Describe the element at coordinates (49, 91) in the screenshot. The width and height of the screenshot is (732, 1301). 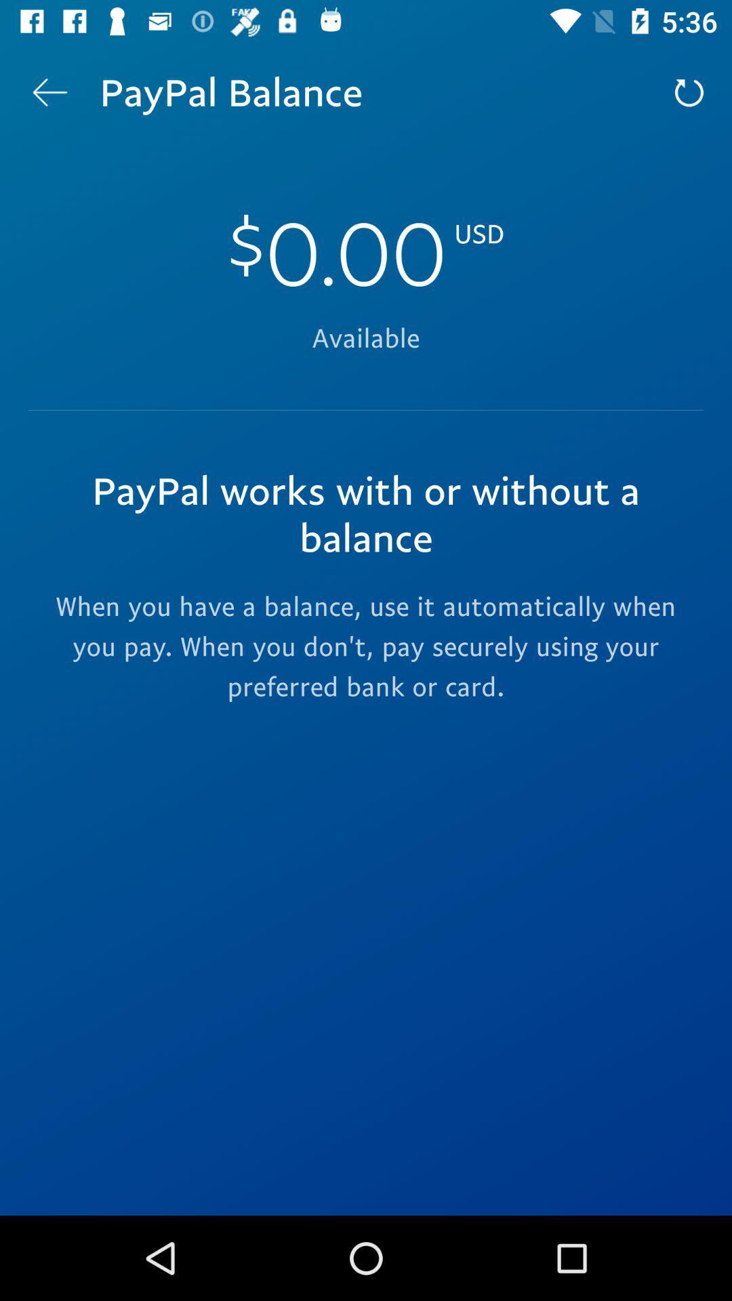
I see `icon to the left of paypal balance item` at that location.